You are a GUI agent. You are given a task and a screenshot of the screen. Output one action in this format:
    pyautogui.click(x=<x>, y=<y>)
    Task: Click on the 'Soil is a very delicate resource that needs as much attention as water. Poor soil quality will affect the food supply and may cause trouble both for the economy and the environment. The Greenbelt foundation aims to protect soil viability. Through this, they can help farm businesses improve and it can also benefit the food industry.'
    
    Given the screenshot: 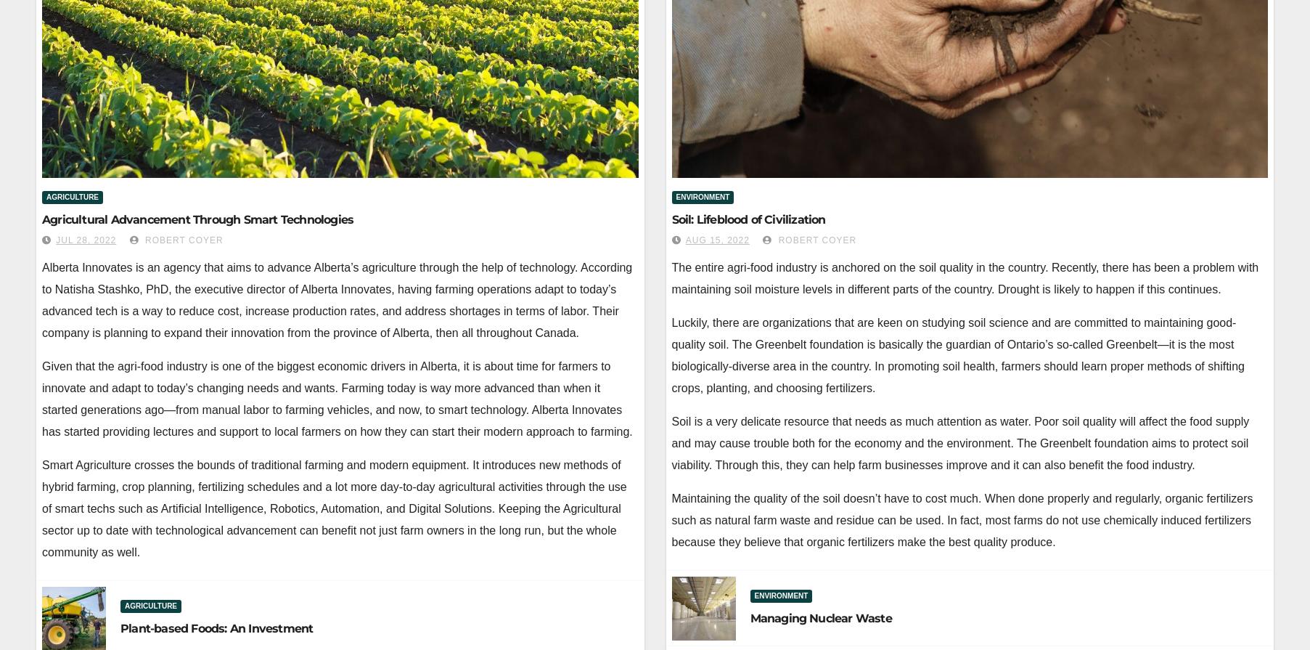 What is the action you would take?
    pyautogui.click(x=960, y=442)
    